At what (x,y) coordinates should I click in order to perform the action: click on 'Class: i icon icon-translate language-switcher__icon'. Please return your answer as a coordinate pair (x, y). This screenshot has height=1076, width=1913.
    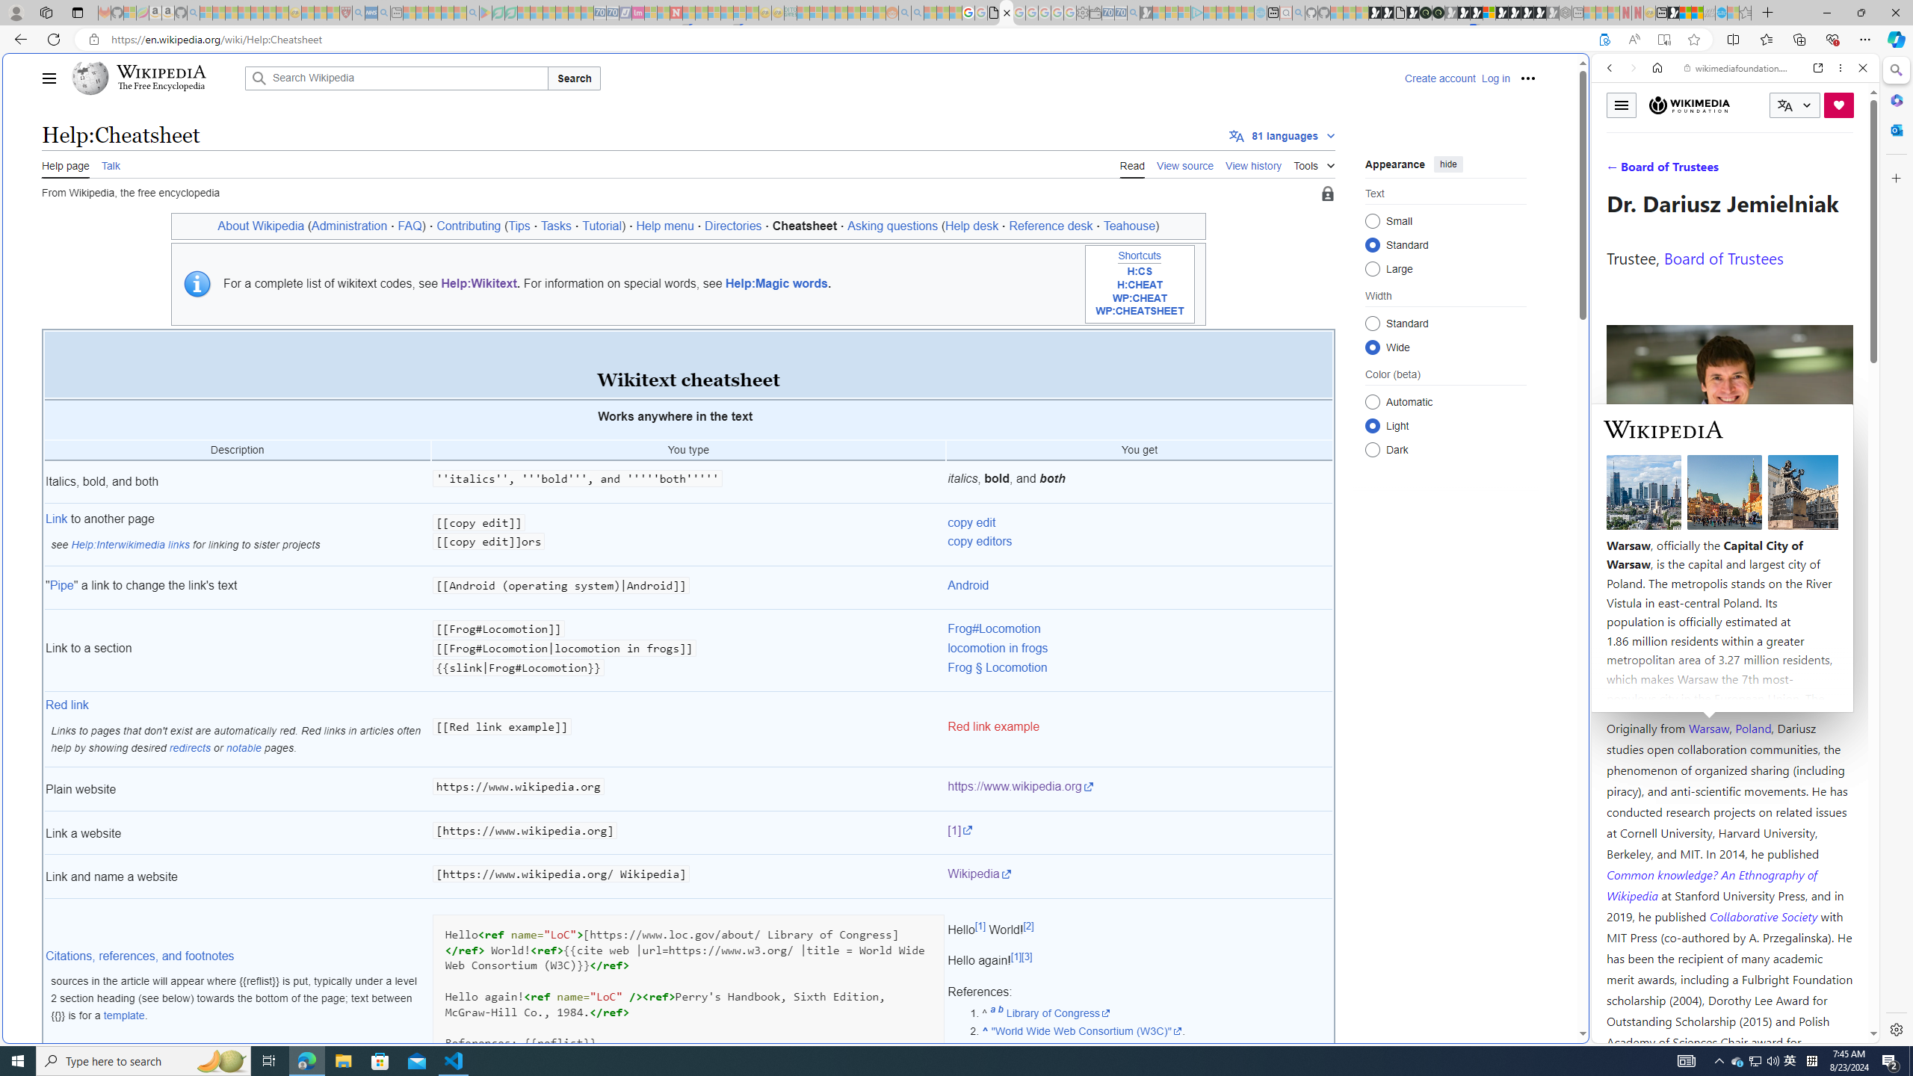
    Looking at the image, I should click on (1784, 105).